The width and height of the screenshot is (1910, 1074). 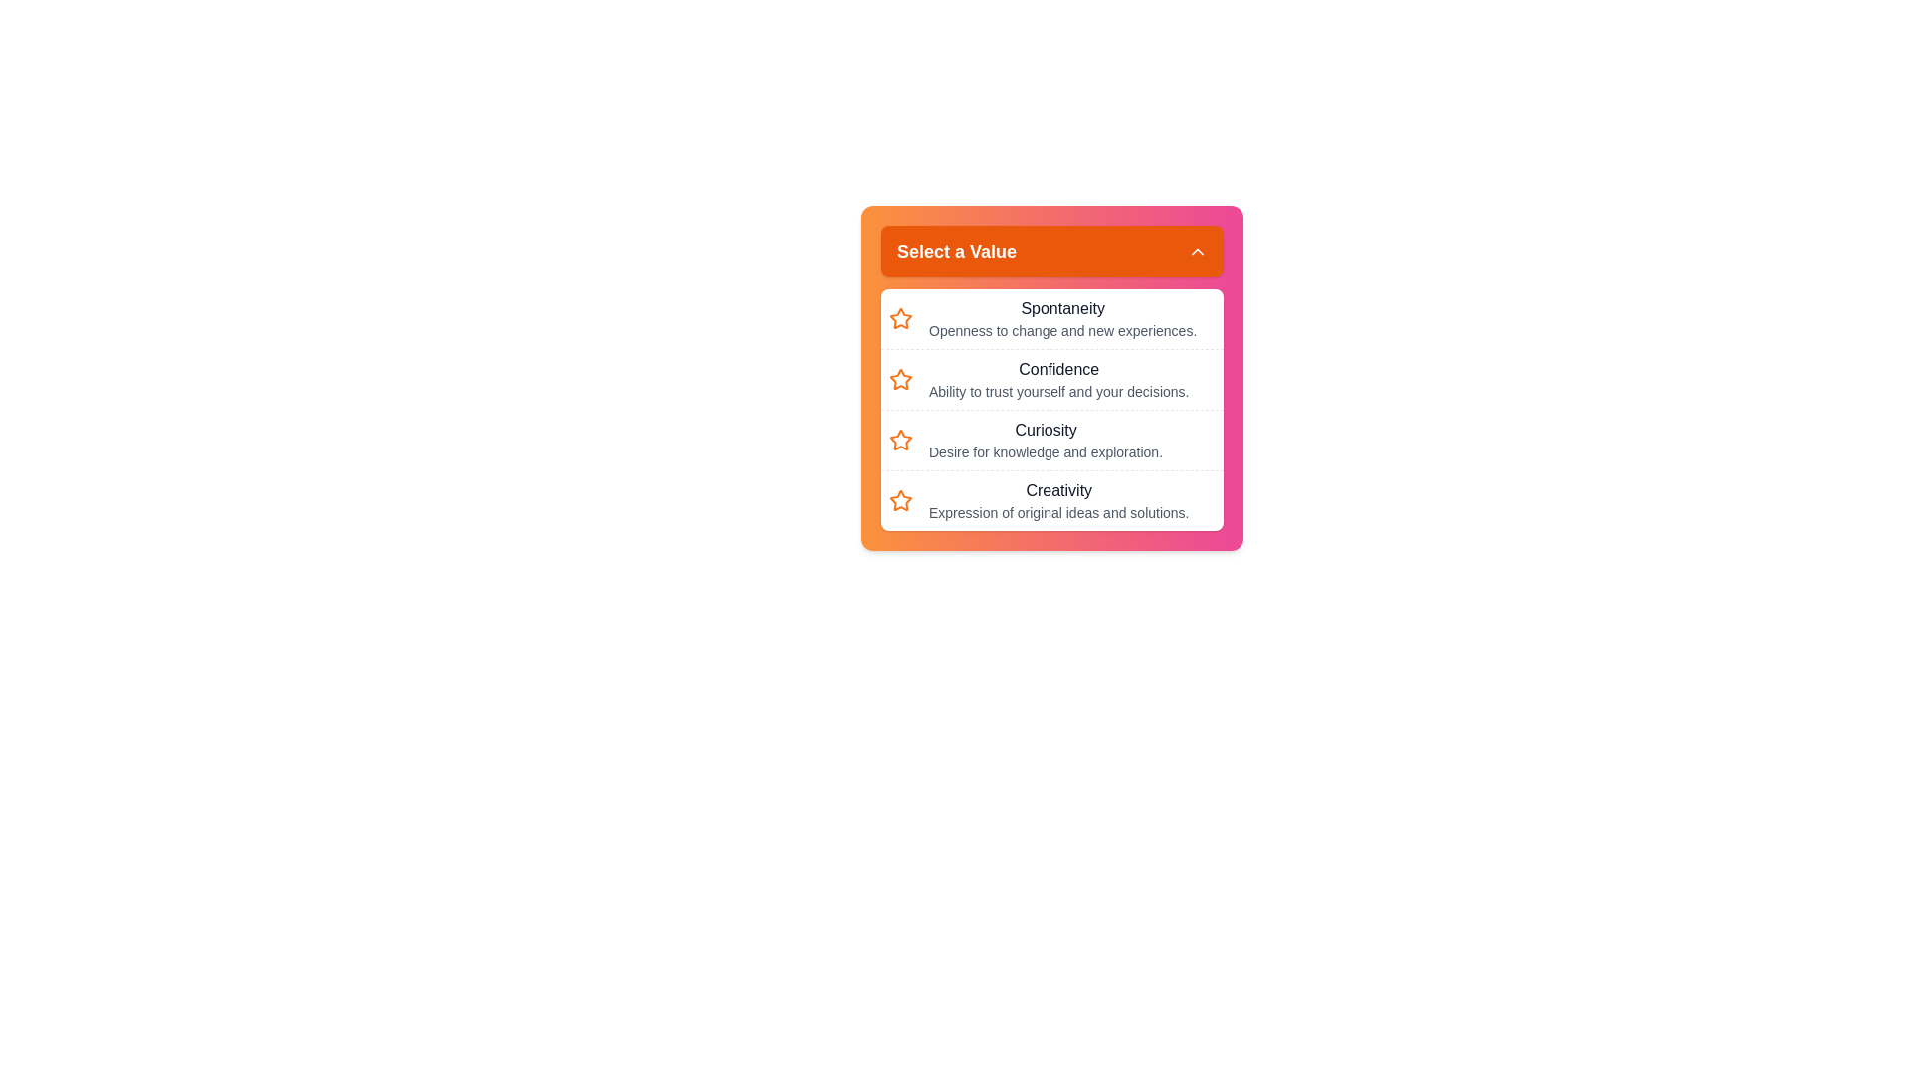 I want to click on the fourth list item labeled 'Creativity', so click(x=1050, y=499).